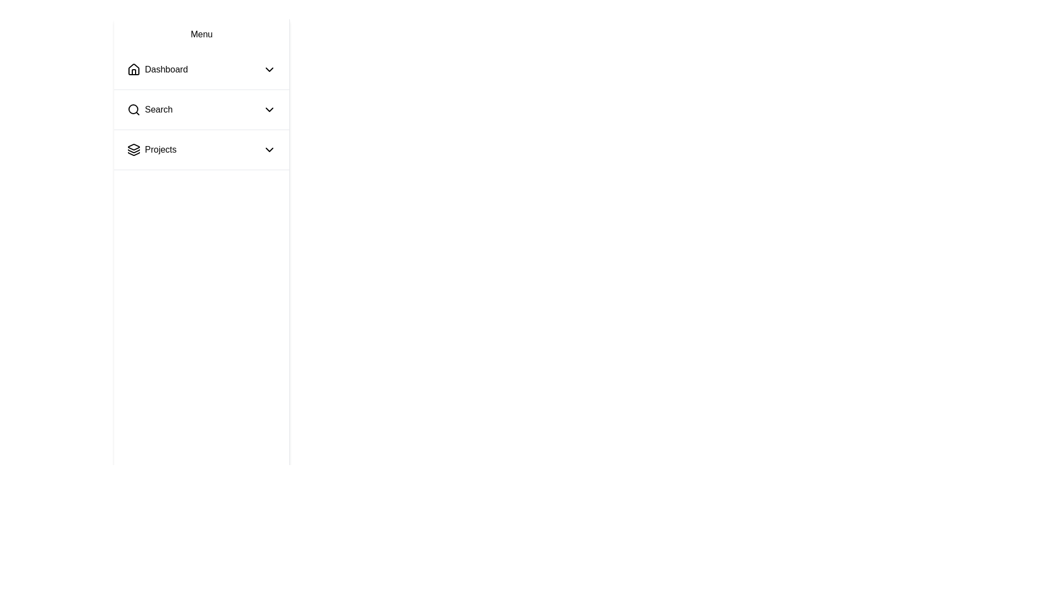 This screenshot has height=593, width=1054. I want to click on the house-shaped icon with a black outline, which represents the 'home' or 'dashboard' concept, located to the left of the text 'Dashboard', so click(133, 70).